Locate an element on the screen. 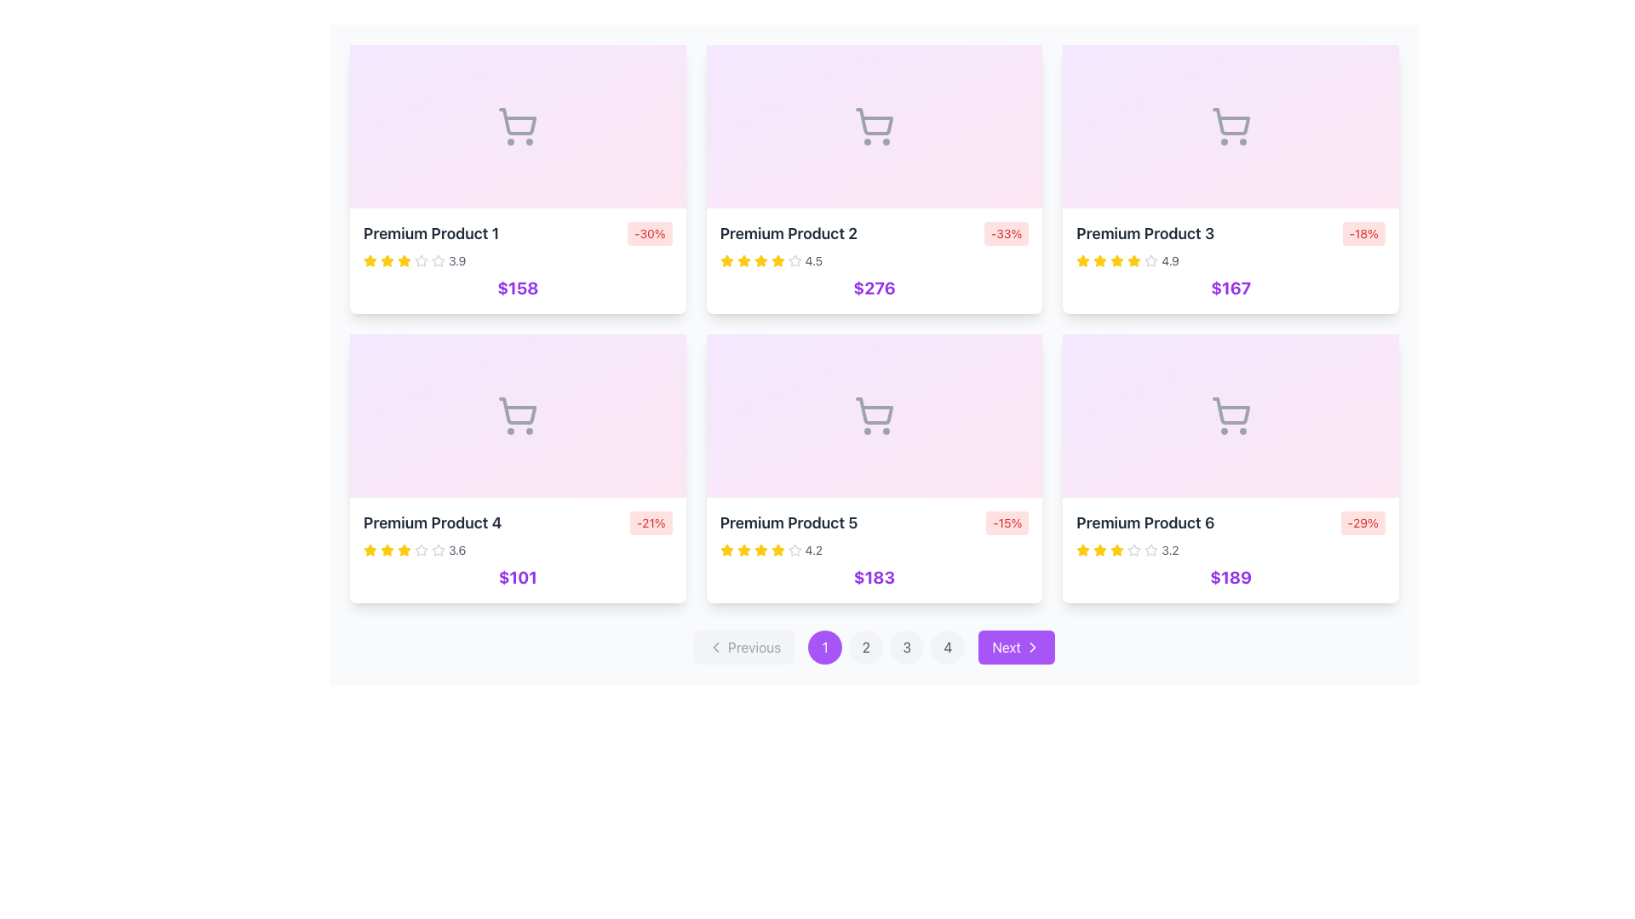 Image resolution: width=1635 pixels, height=919 pixels. the discount badge with a red background and white text displaying '-30%' located at the top-right corner of the 'Premium Product 1' card is located at coordinates (649, 233).